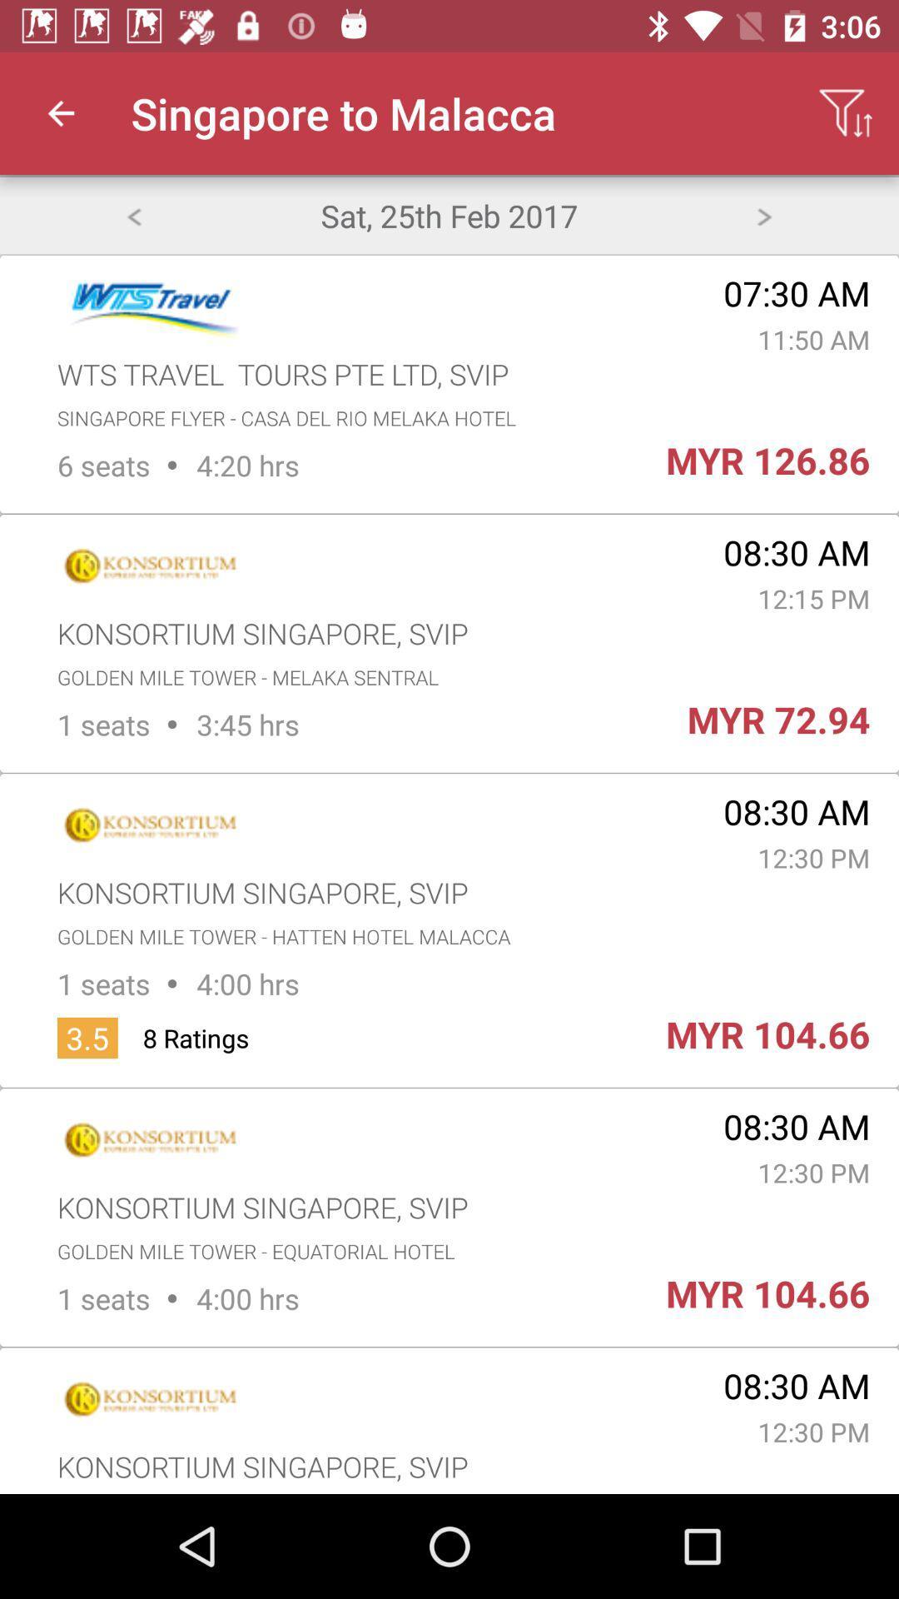  What do you see at coordinates (132, 214) in the screenshot?
I see `the arrow_backward icon` at bounding box center [132, 214].